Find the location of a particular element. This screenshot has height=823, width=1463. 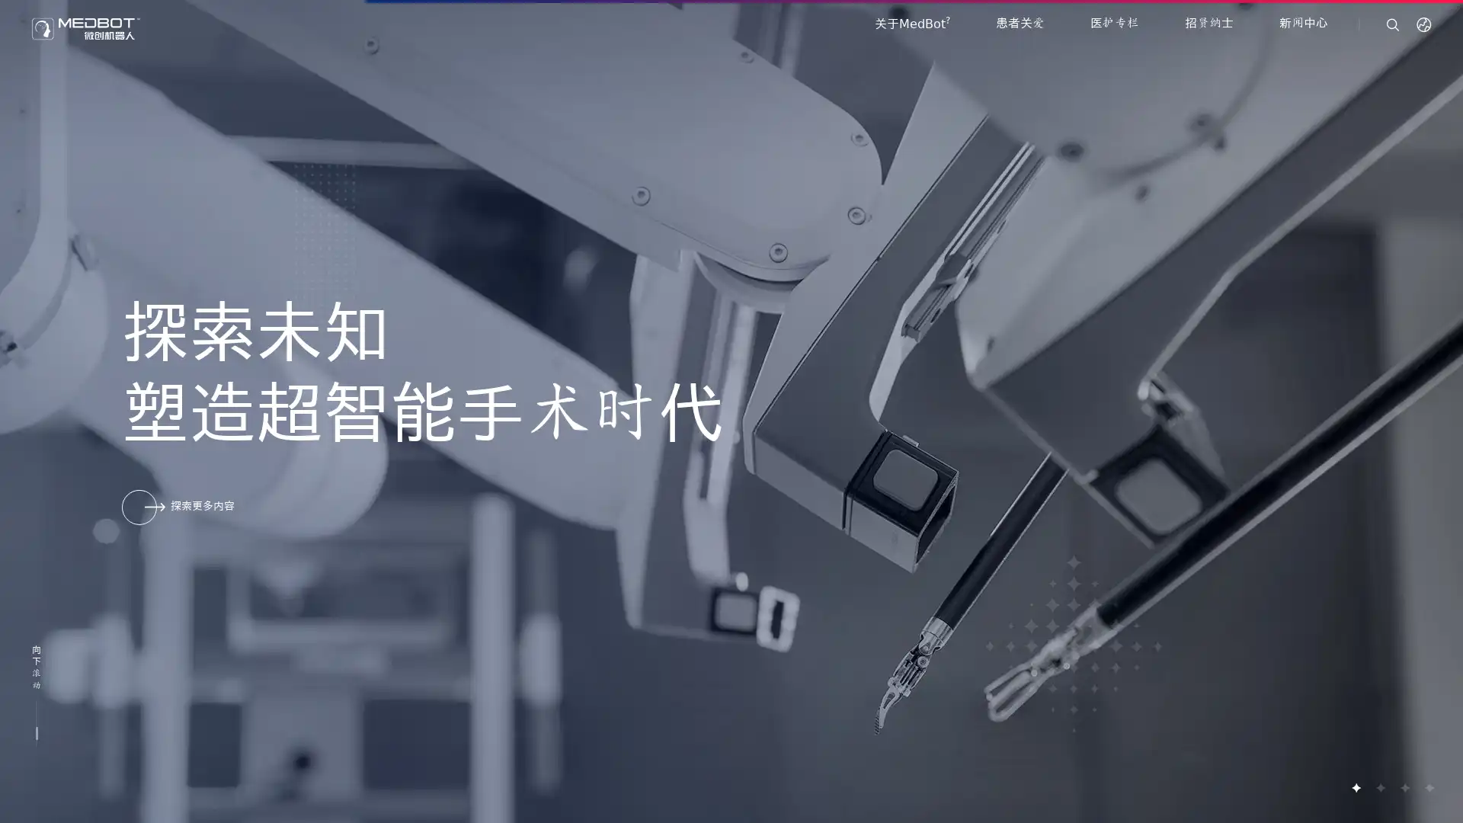

Go to slide 3 is located at coordinates (1404, 787).